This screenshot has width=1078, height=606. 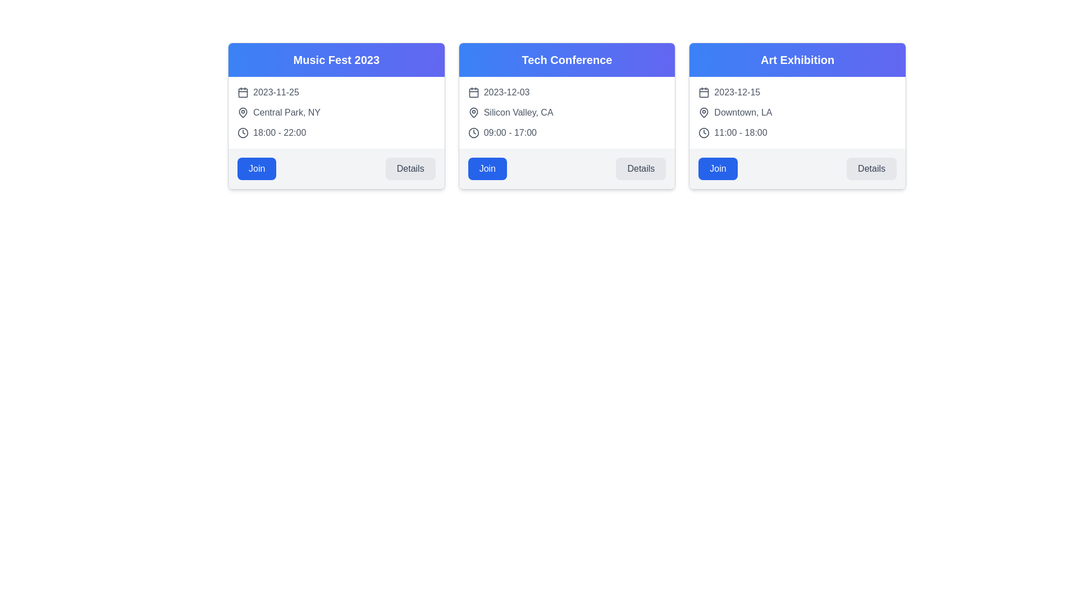 I want to click on the button in the bottom-left corner of the 'Music Fest 2023' event card, so click(x=256, y=168).